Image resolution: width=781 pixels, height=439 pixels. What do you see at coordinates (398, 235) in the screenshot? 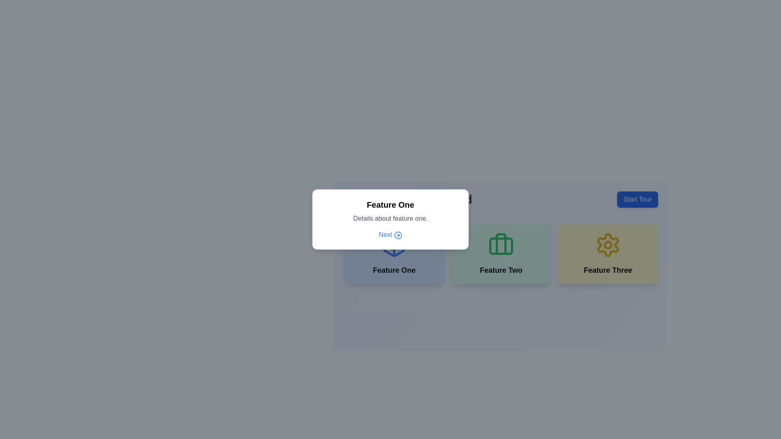
I see `the icon located to the right of the 'Next' text inside the clickable area at the bottom of the modal window` at bounding box center [398, 235].